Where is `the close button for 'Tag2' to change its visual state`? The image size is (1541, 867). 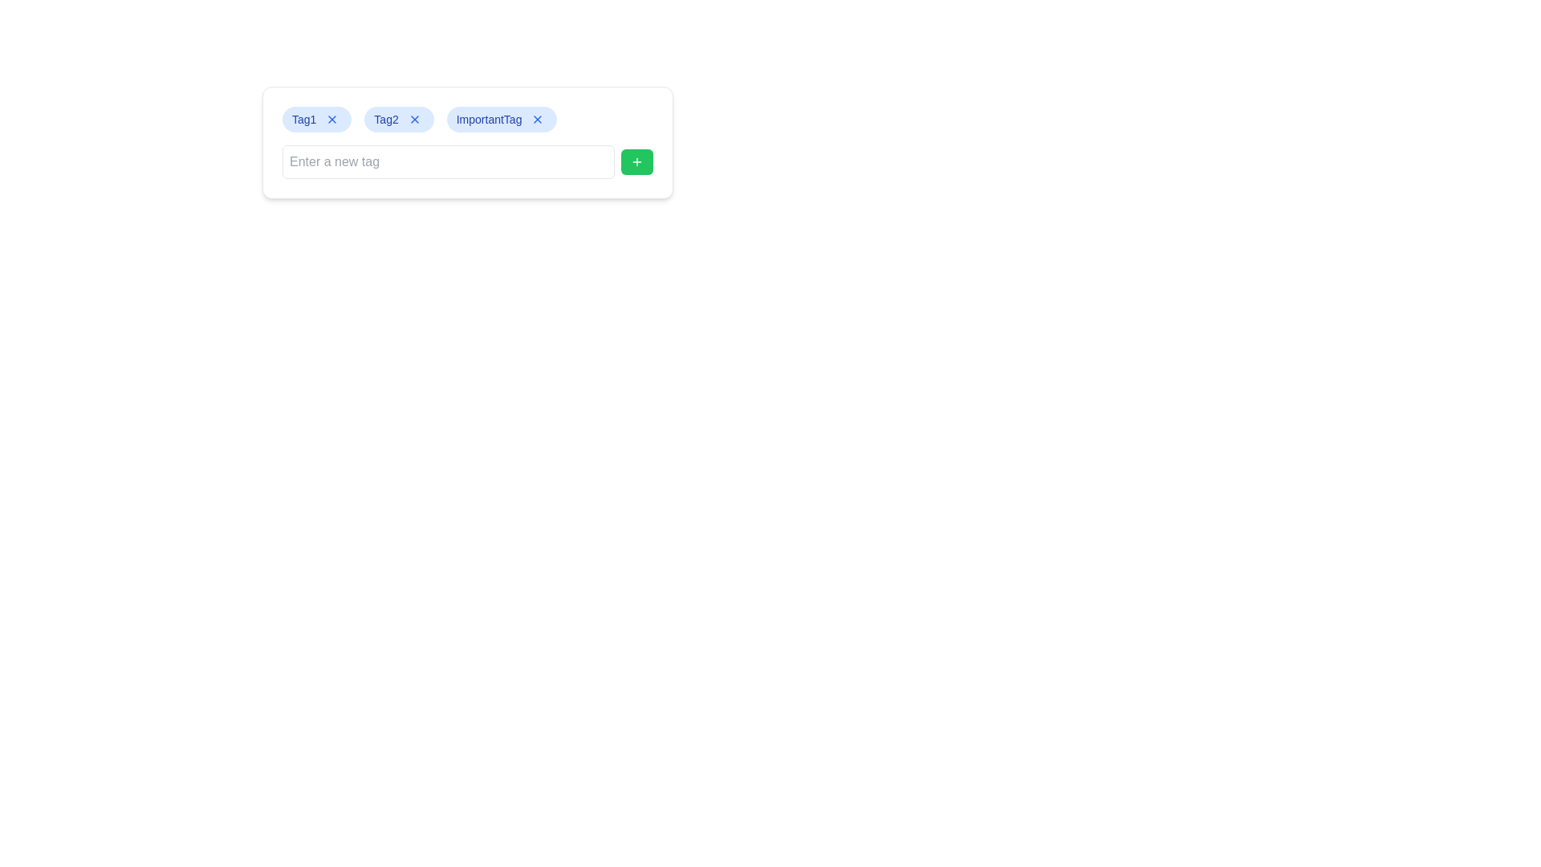
the close button for 'Tag2' to change its visual state is located at coordinates (414, 119).